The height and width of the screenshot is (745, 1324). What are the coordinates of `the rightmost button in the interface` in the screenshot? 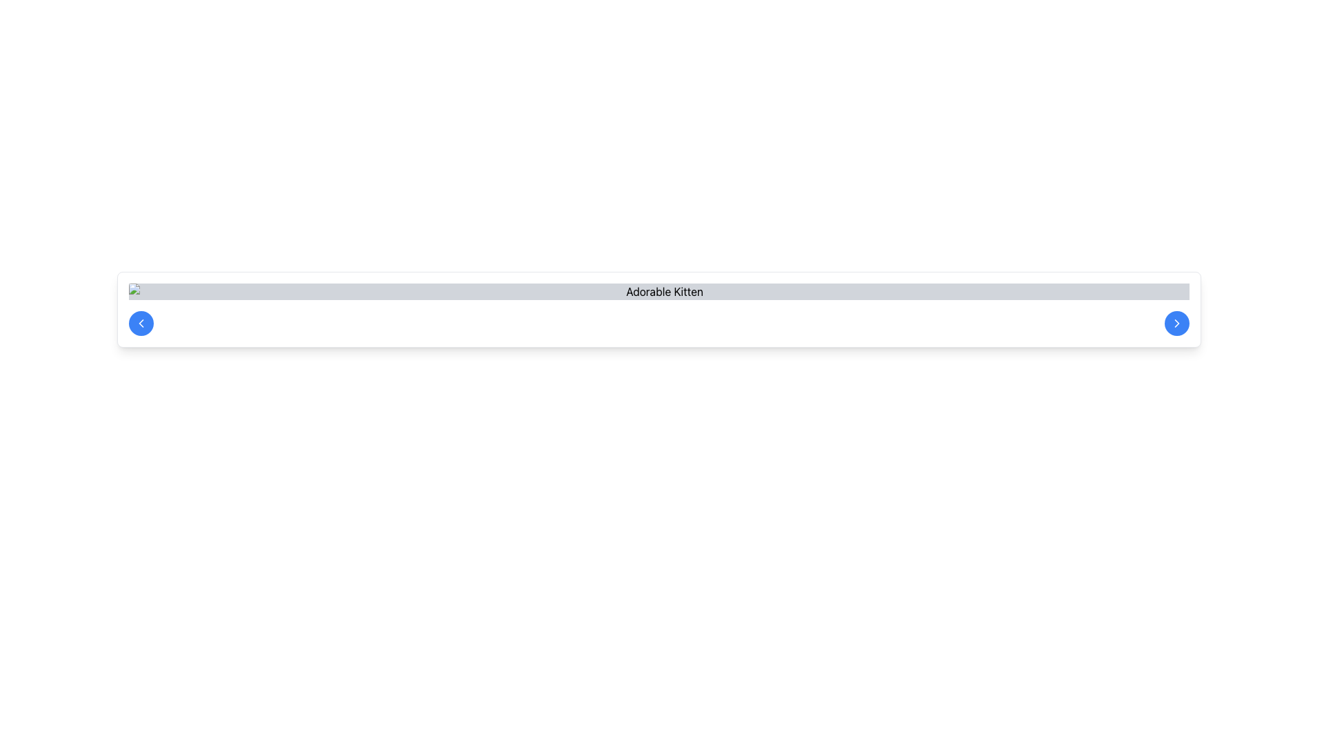 It's located at (1176, 324).